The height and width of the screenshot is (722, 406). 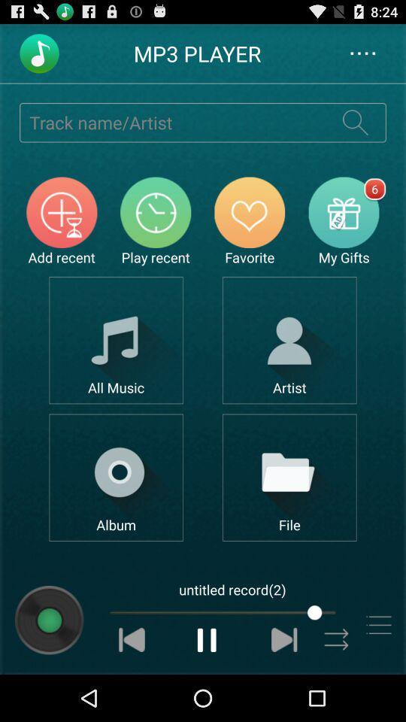 I want to click on open playlist, so click(x=377, y=625).